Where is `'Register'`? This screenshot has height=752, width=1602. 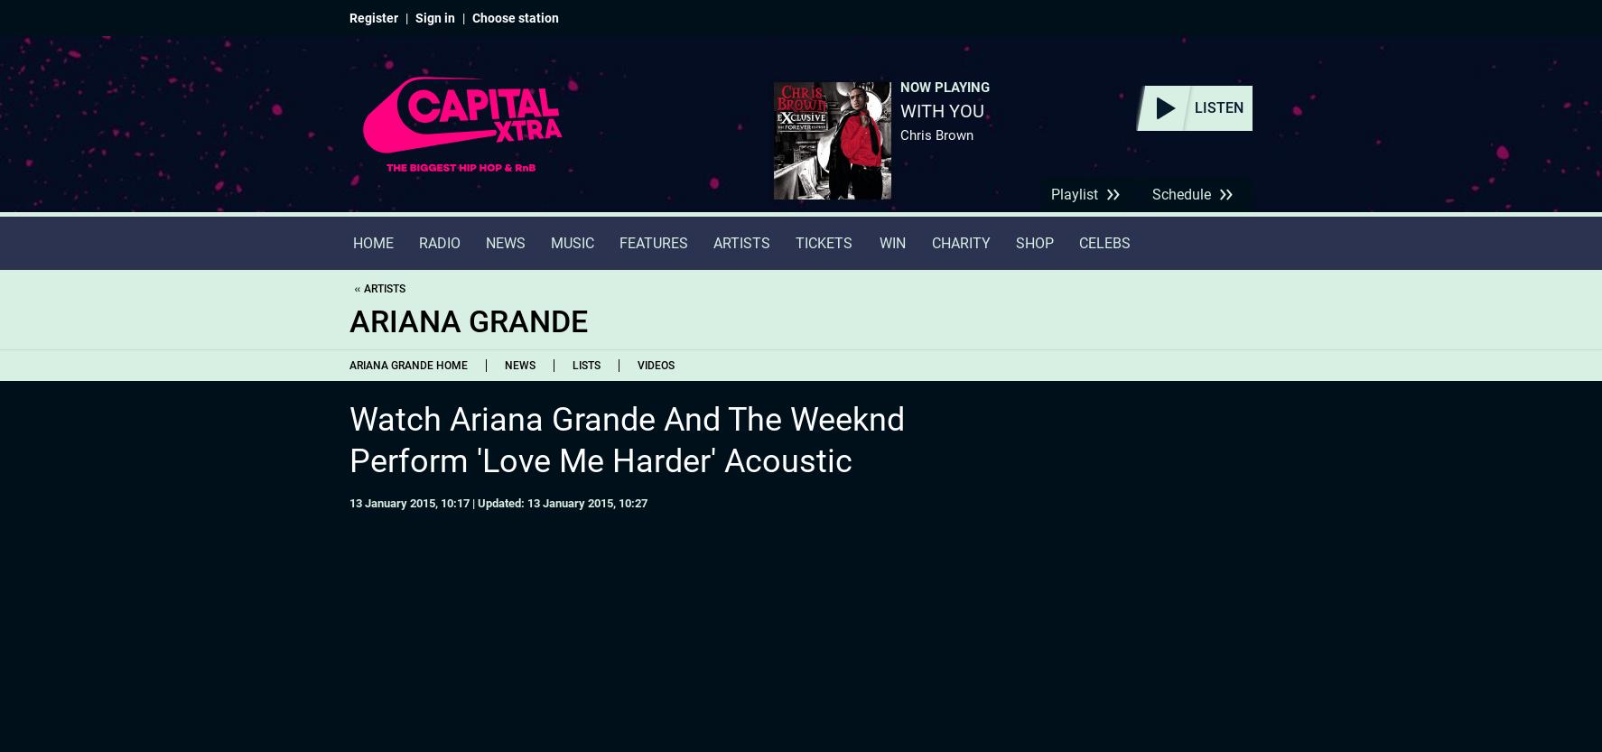 'Register' is located at coordinates (349, 17).